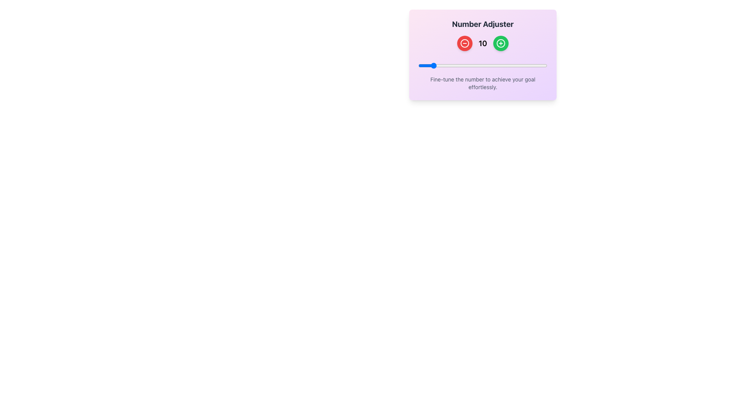 This screenshot has width=737, height=415. Describe the element at coordinates (464, 43) in the screenshot. I see `the decrement button located on the left side of the numerical counter in the 'Number Adjuster' interface` at that location.